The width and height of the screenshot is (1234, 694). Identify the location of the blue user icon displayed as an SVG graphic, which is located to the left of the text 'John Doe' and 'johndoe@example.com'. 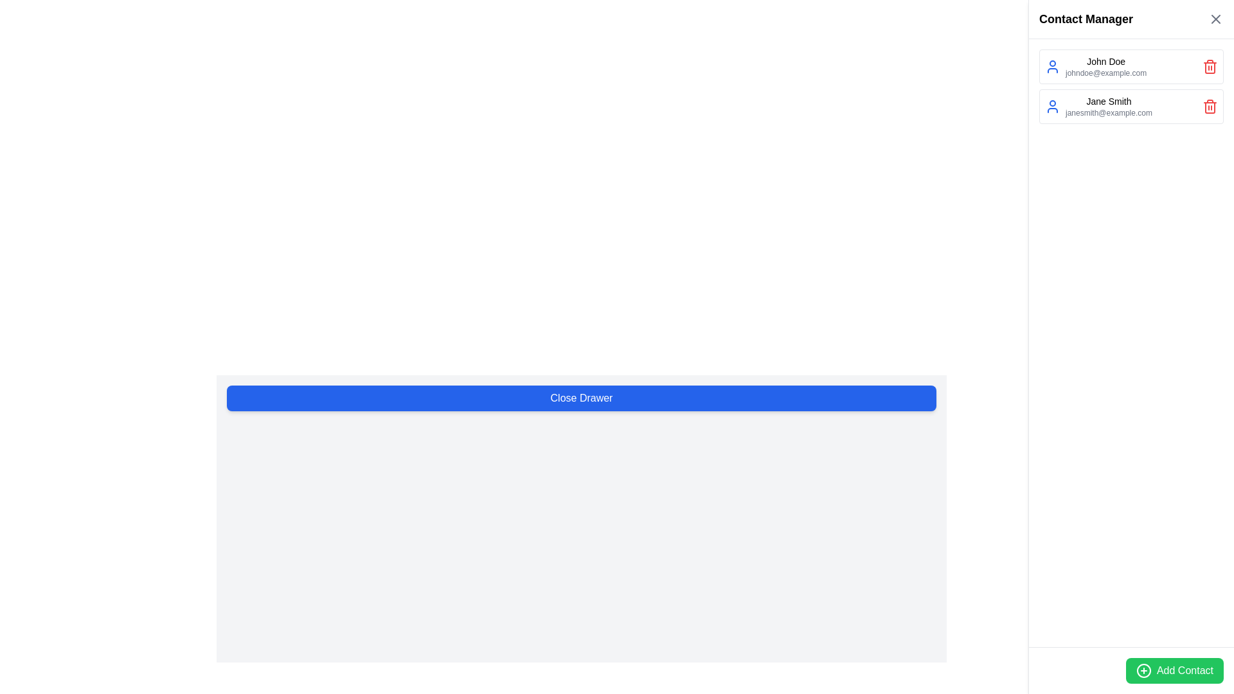
(1052, 67).